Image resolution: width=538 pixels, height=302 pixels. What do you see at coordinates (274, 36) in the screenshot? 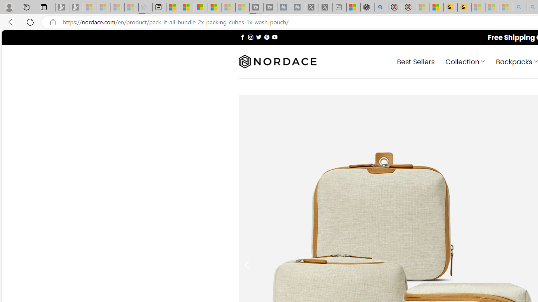
I see `'Follow on YouTube'` at bounding box center [274, 36].